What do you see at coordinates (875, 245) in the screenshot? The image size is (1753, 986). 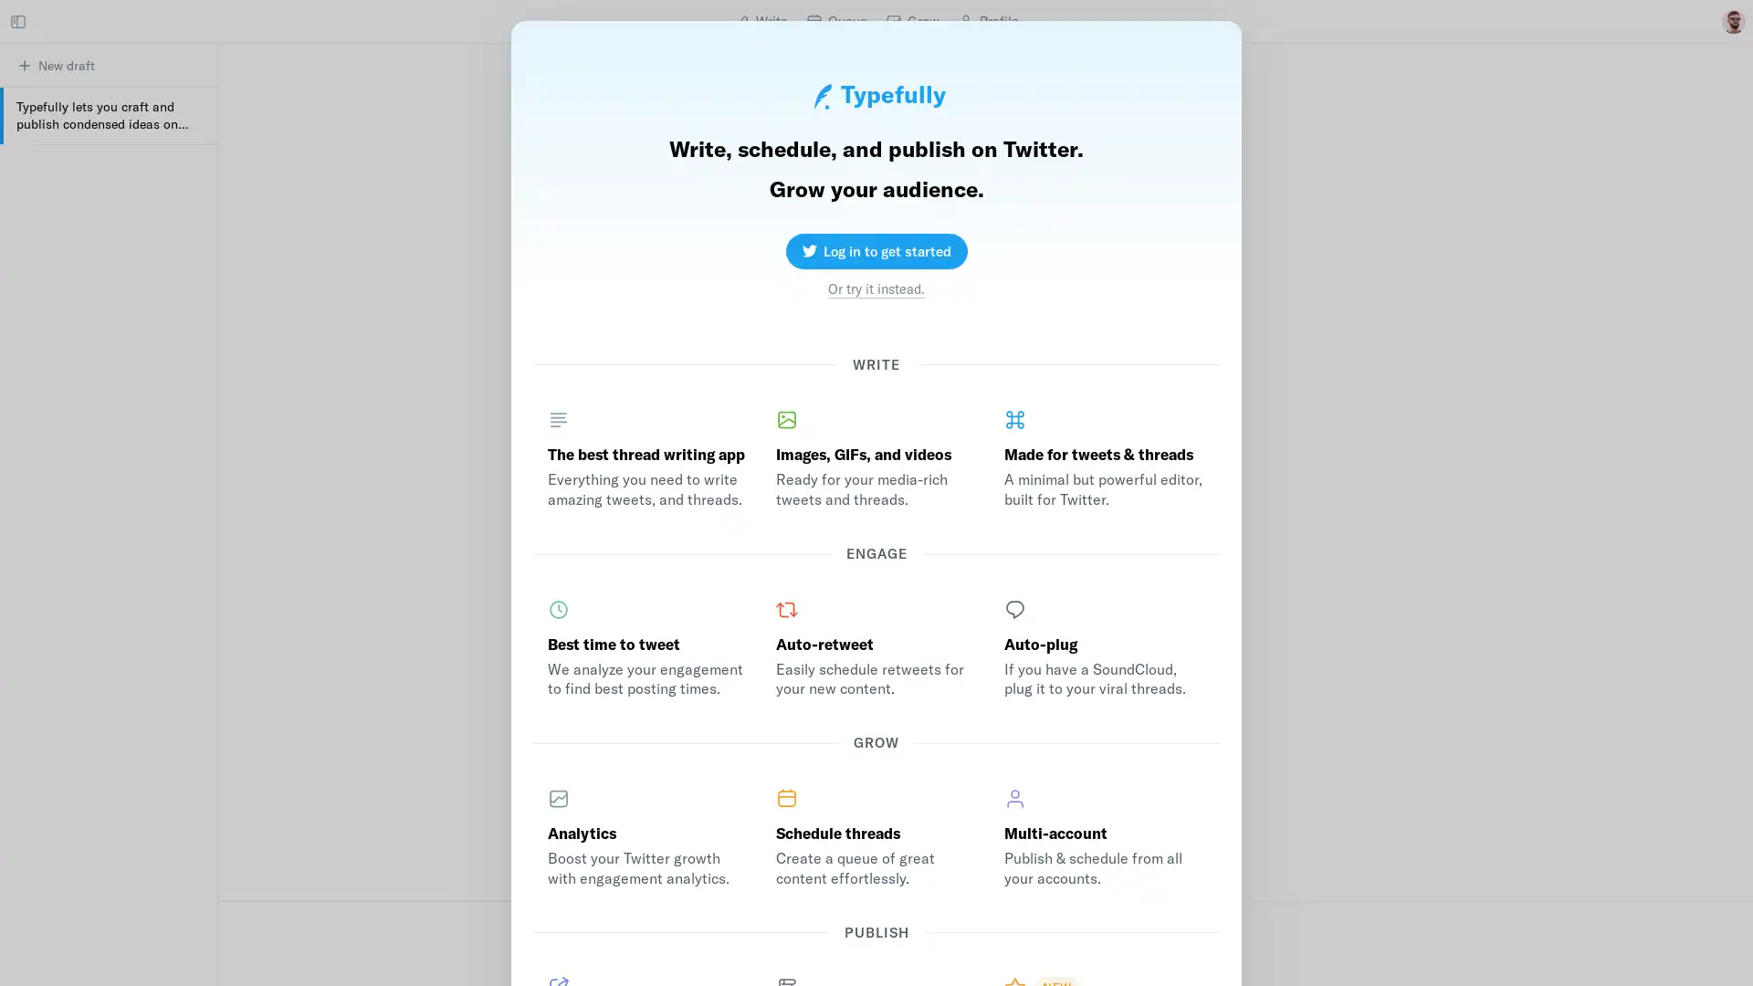 I see `Log in to get started` at bounding box center [875, 245].